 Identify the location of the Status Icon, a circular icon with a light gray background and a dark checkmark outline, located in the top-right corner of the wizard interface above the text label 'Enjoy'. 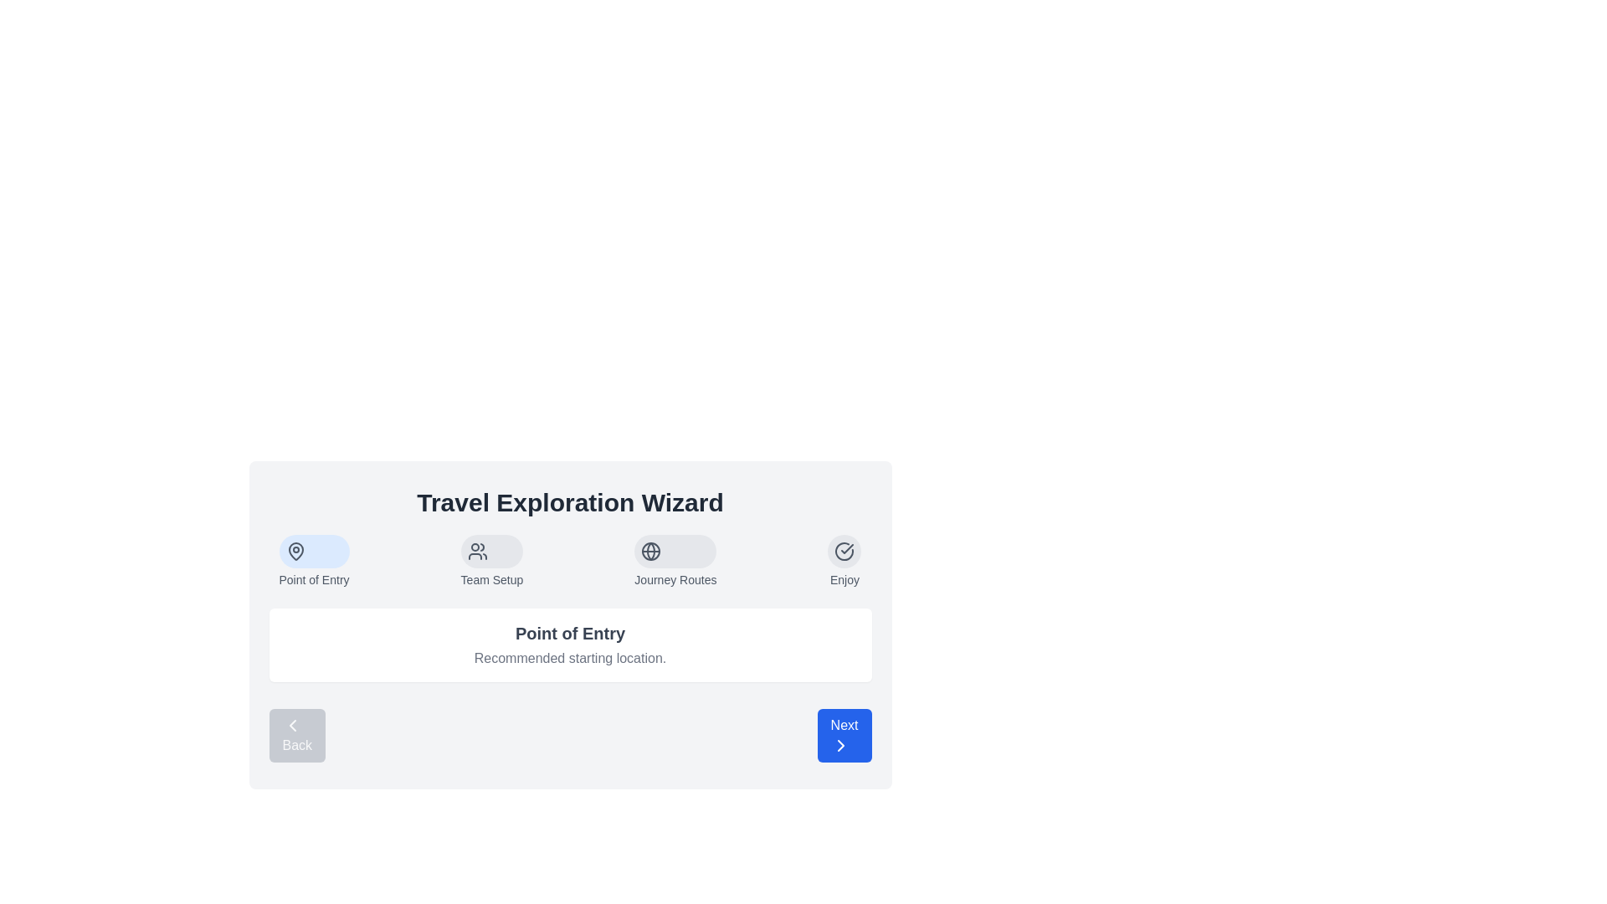
(845, 552).